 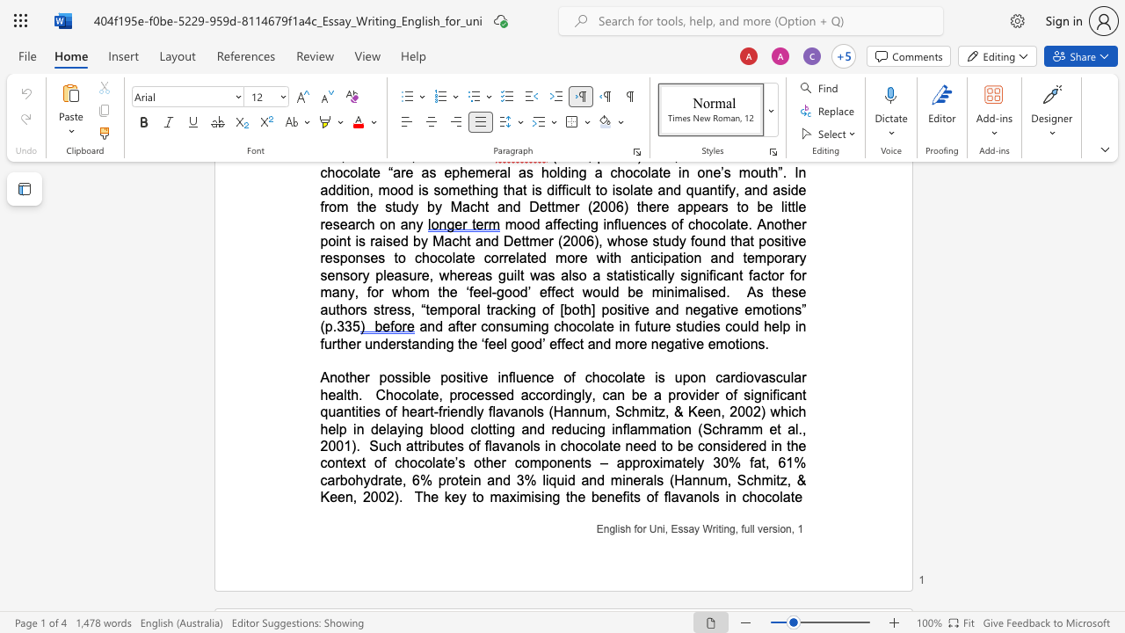 I want to click on the space between the continuous character "u" and "l" in the text, so click(x=788, y=376).